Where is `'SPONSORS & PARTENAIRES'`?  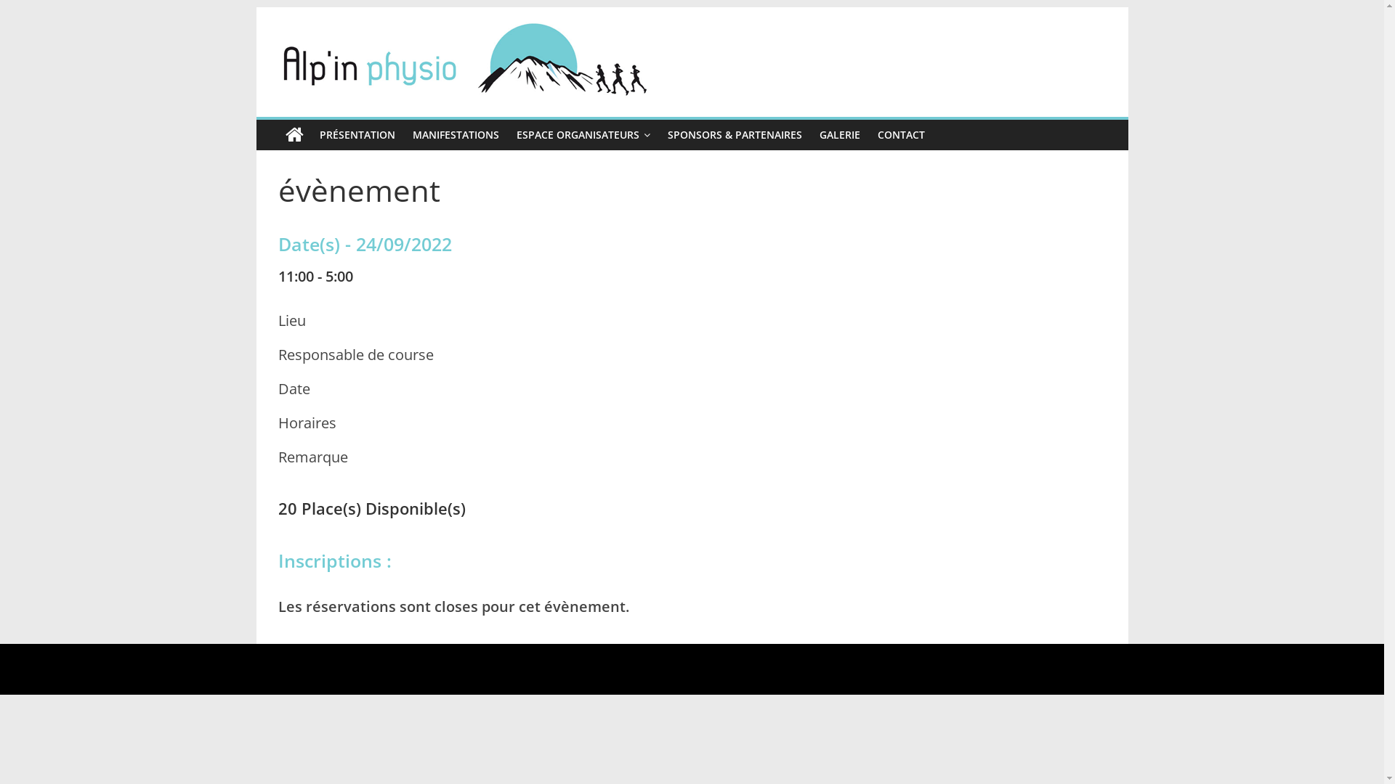 'SPONSORS & PARTENAIRES' is located at coordinates (658, 134).